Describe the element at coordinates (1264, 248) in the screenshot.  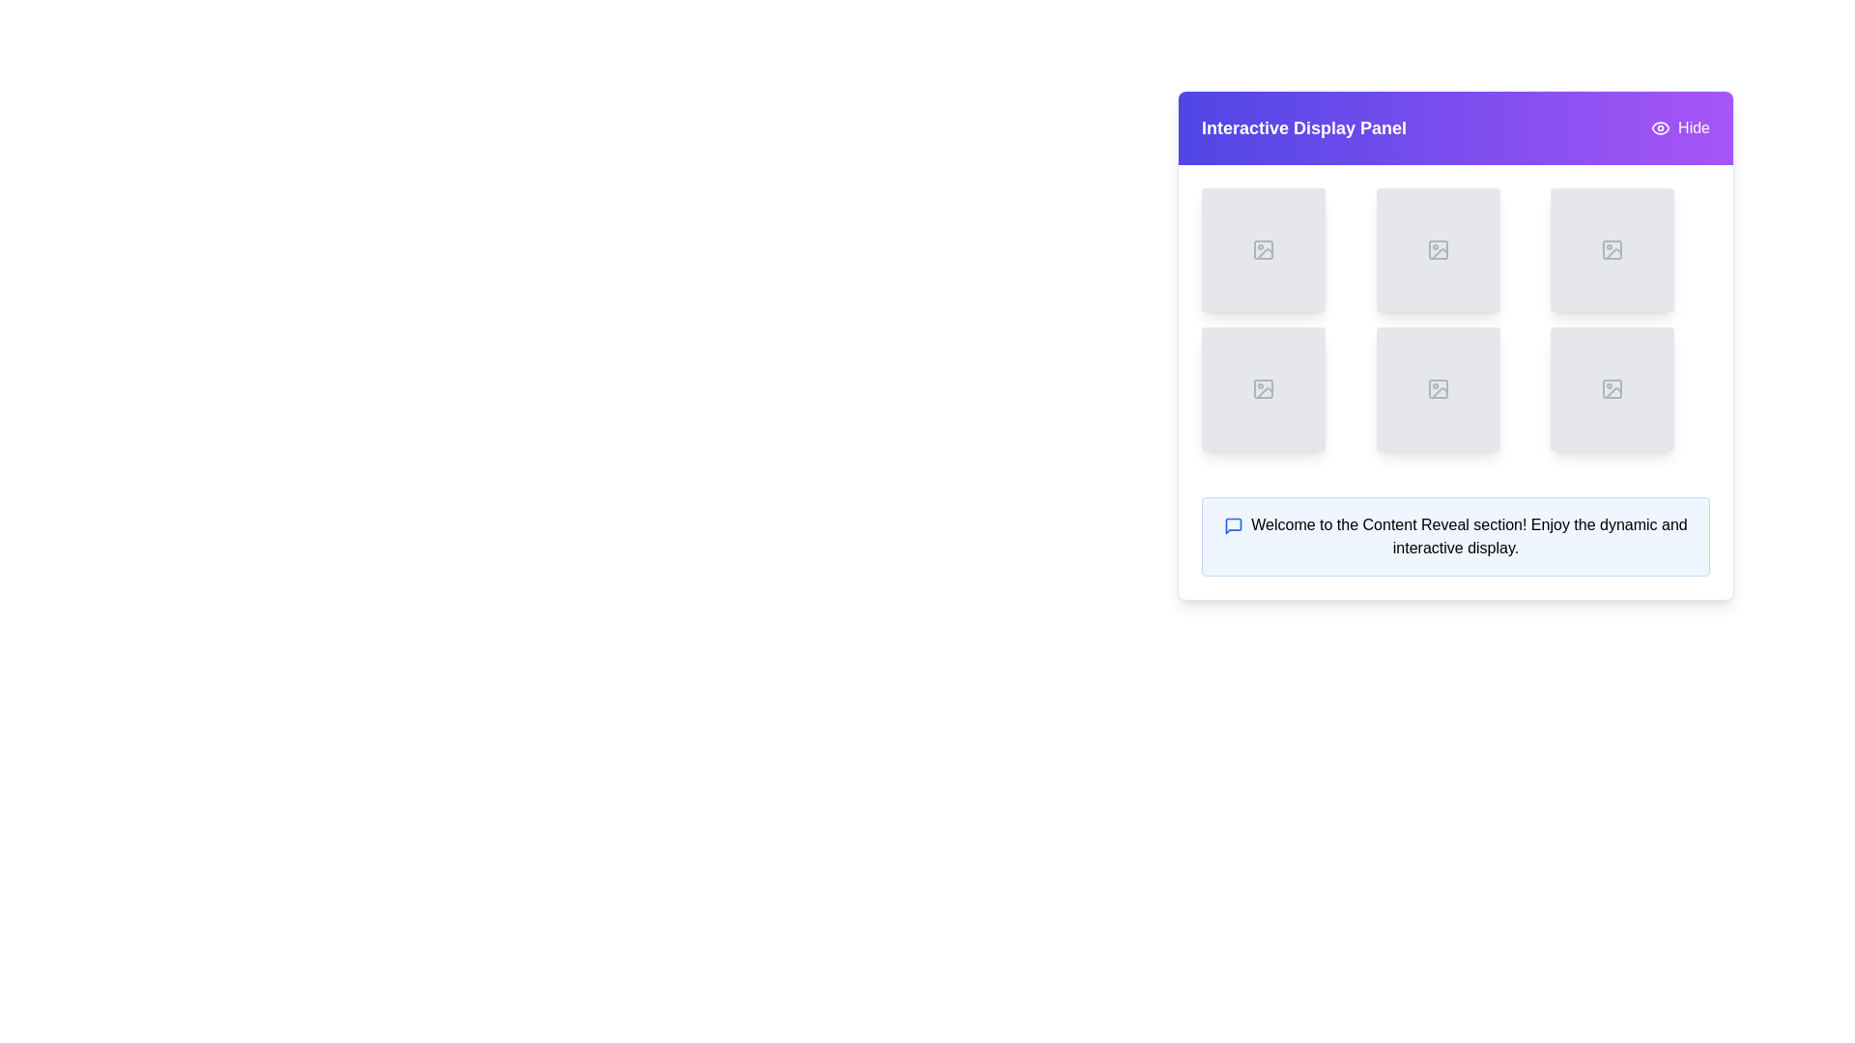
I see `the photo frame icon with a circular dot located in the first tile of the grid in the 'Interactive Display Panel' in the upper-right section of the interface` at that location.